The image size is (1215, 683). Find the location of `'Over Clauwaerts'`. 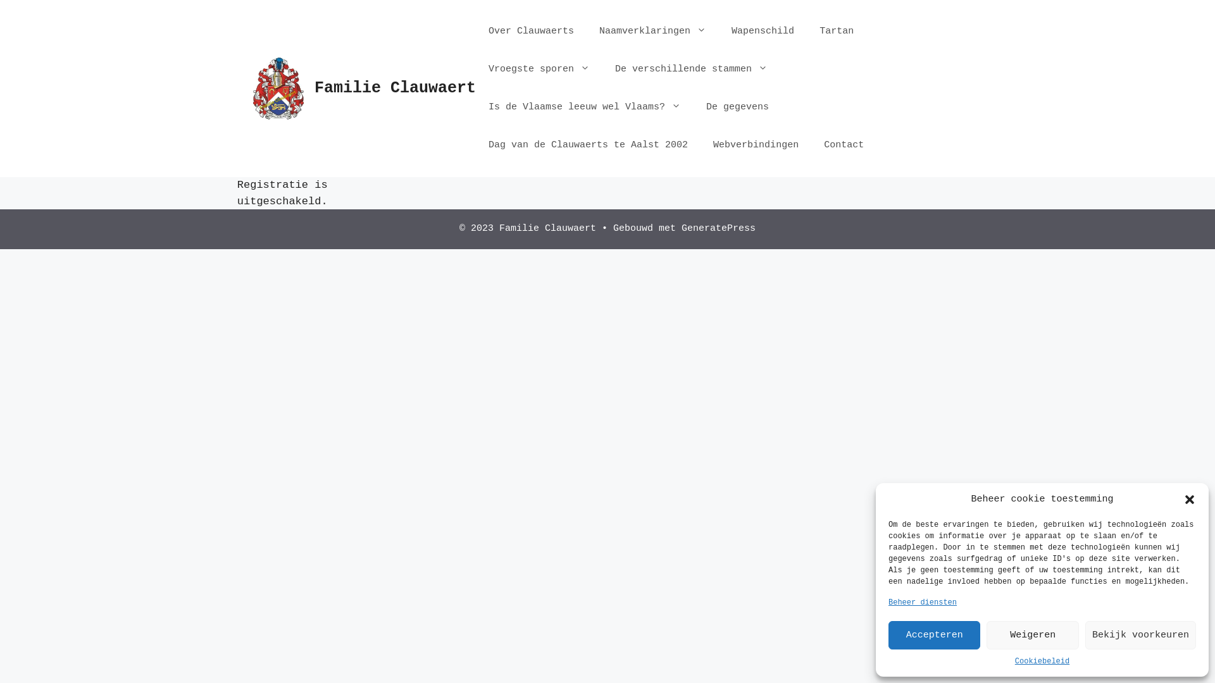

'Over Clauwaerts' is located at coordinates (531, 31).